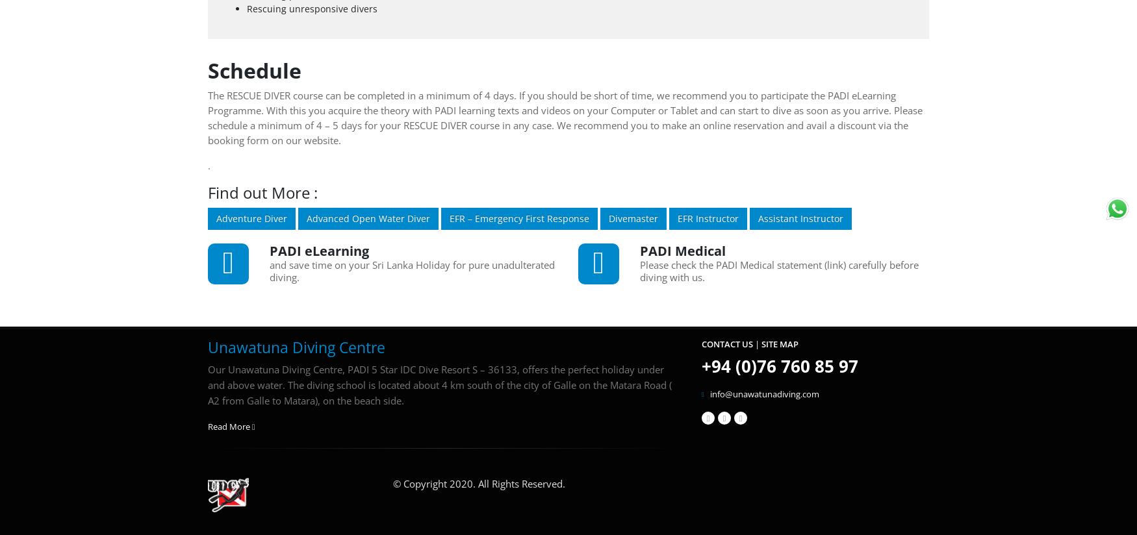 This screenshot has width=1137, height=535. I want to click on 'info@unawatunadiving.com', so click(764, 393).